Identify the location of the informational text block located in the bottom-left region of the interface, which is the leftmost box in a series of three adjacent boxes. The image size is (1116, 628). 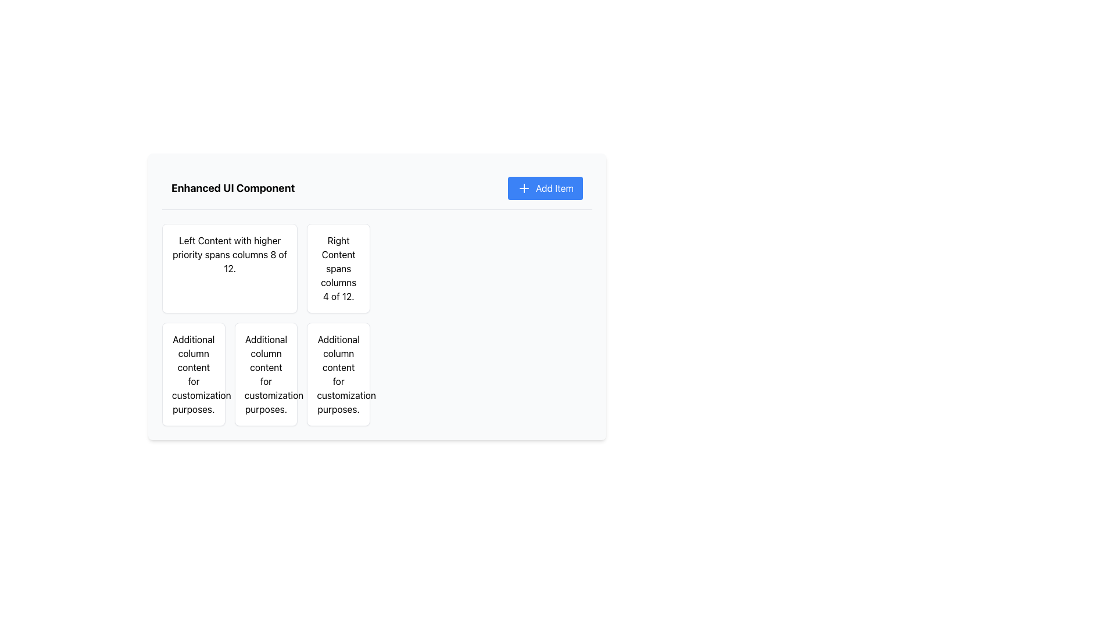
(194, 374).